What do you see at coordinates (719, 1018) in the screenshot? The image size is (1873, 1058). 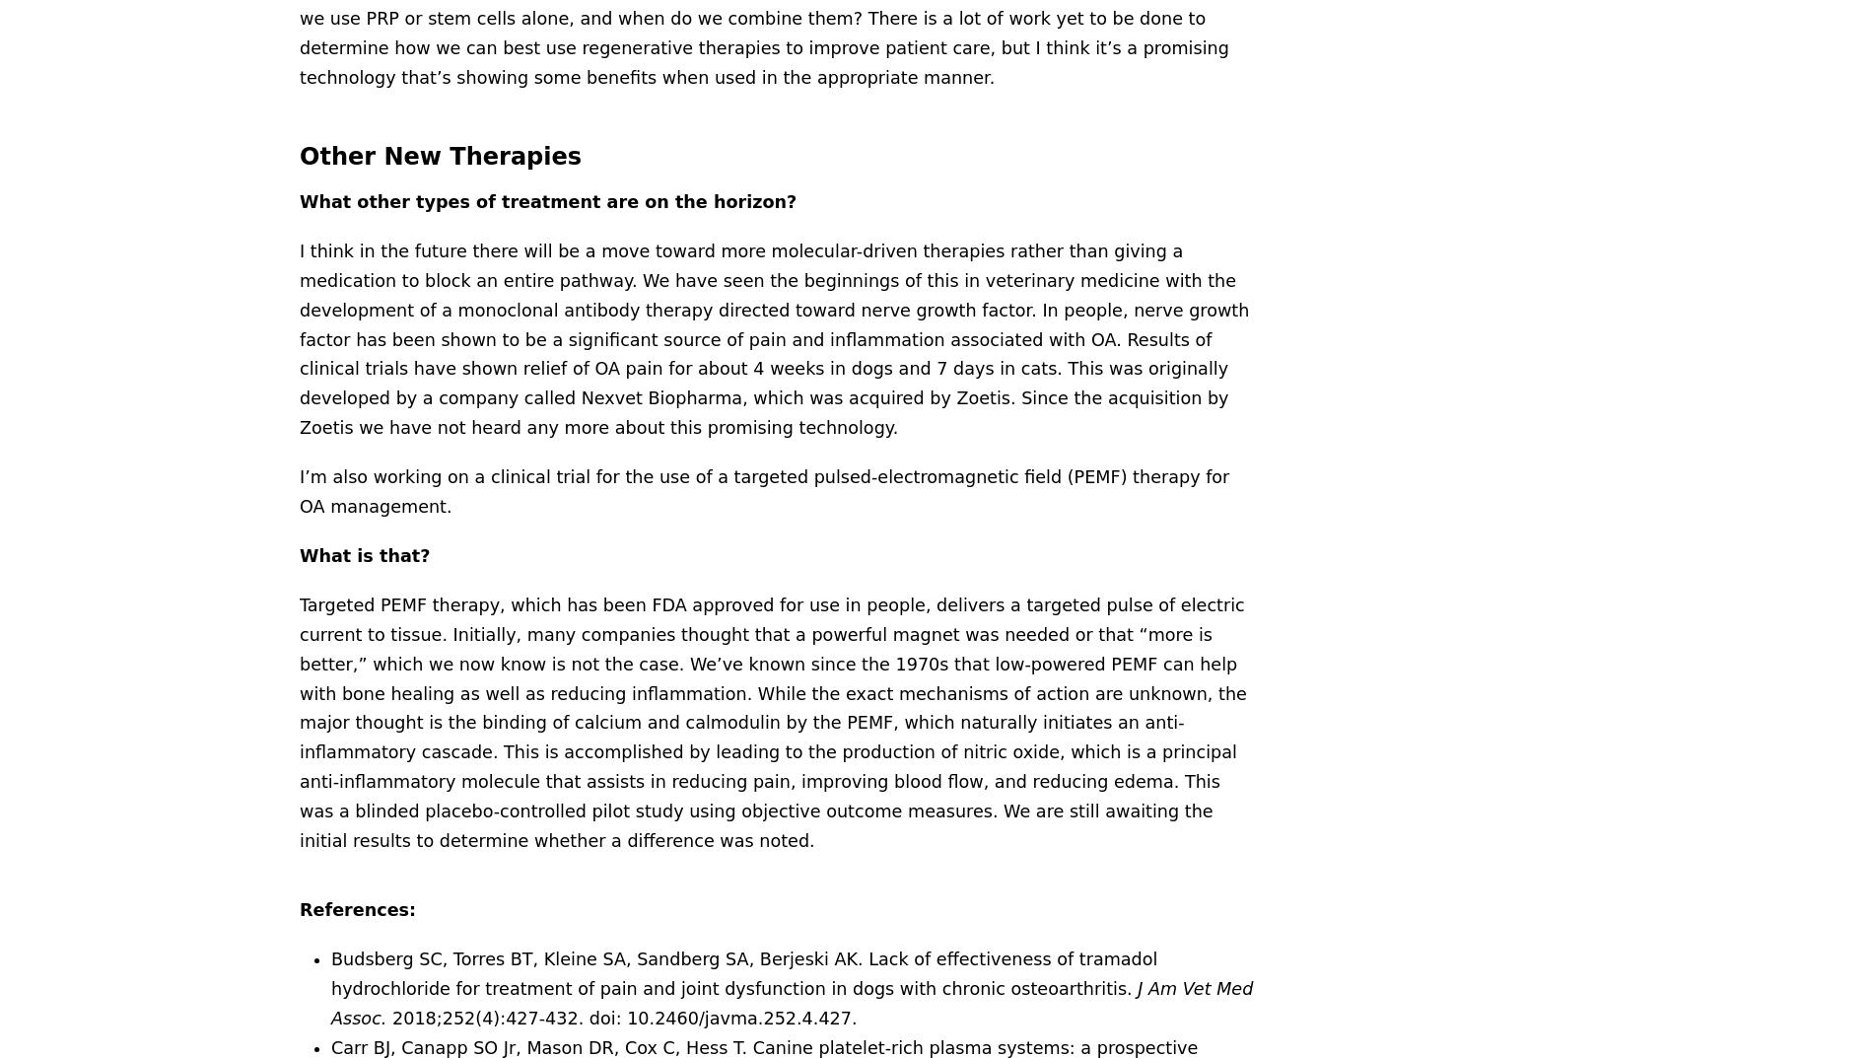 I see `'doi: 10.2460/javma.252.4.427'` at bounding box center [719, 1018].